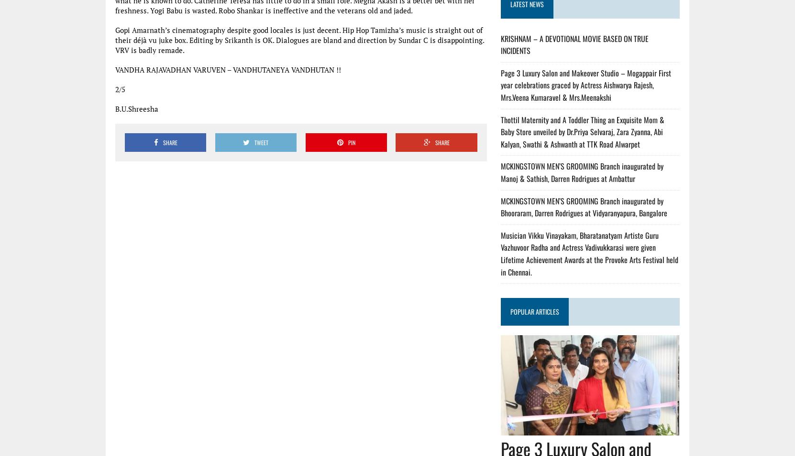  Describe the element at coordinates (535, 311) in the screenshot. I see `'POPULAR ARTICLES'` at that location.